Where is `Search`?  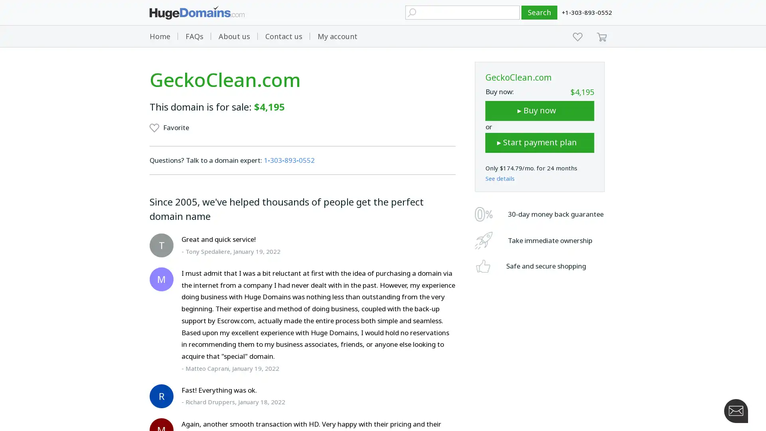 Search is located at coordinates (539, 12).